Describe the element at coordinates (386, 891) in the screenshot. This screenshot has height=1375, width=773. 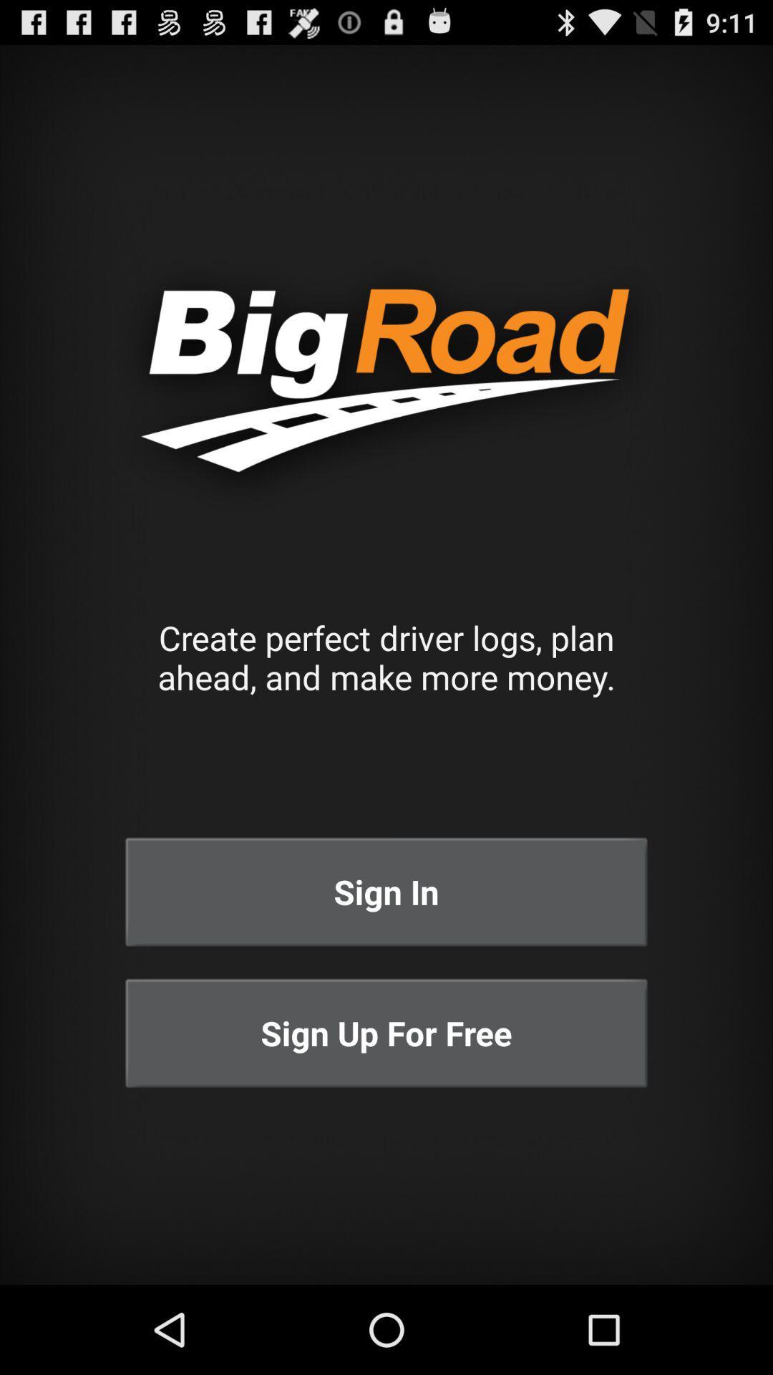
I see `the sign in button` at that location.